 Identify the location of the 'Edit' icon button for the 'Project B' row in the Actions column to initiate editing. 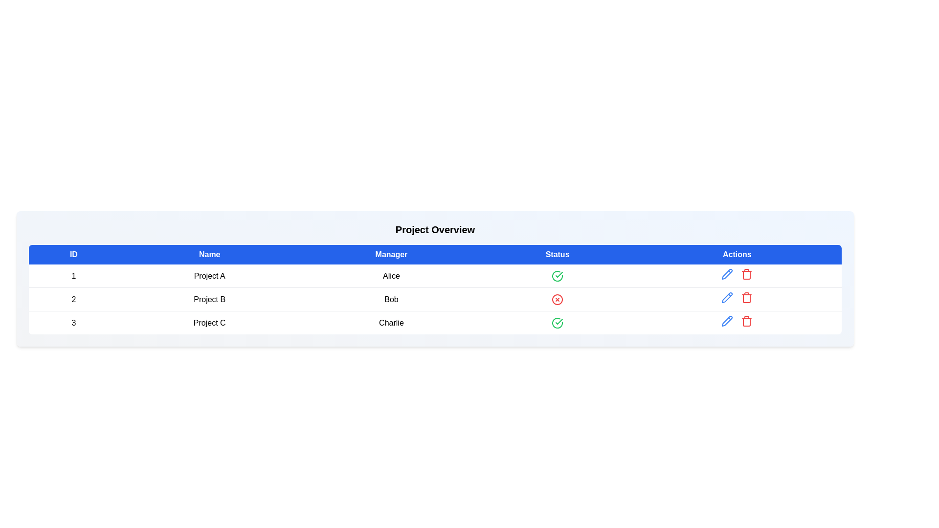
(727, 274).